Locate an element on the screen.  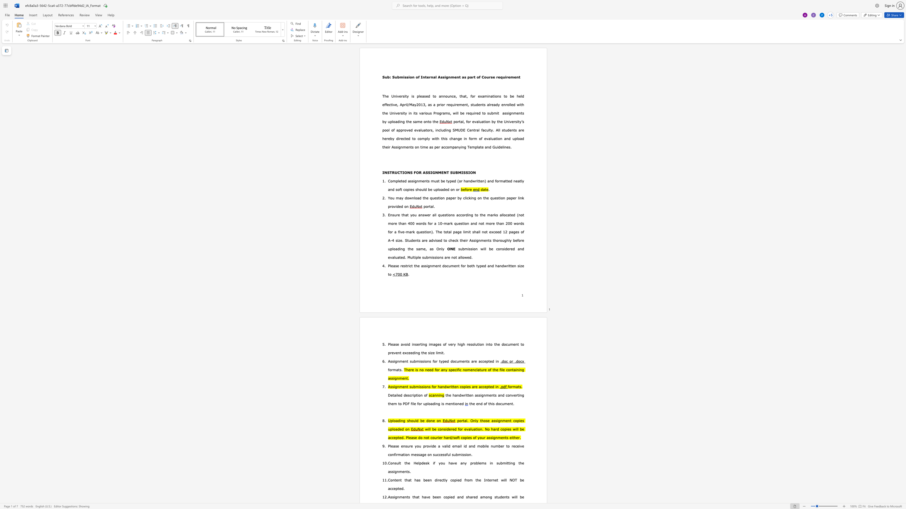
the 1th character "h" in the text is located at coordinates (416, 266).